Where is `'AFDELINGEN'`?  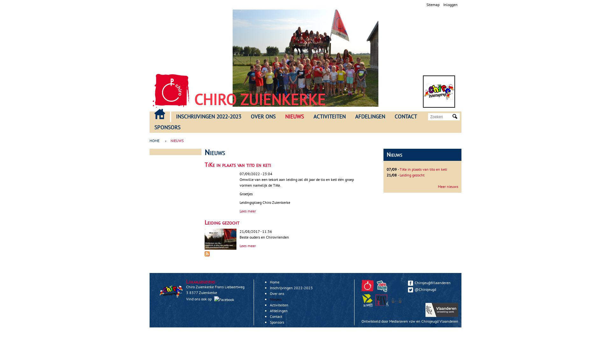
'AFDELINGEN' is located at coordinates (370, 117).